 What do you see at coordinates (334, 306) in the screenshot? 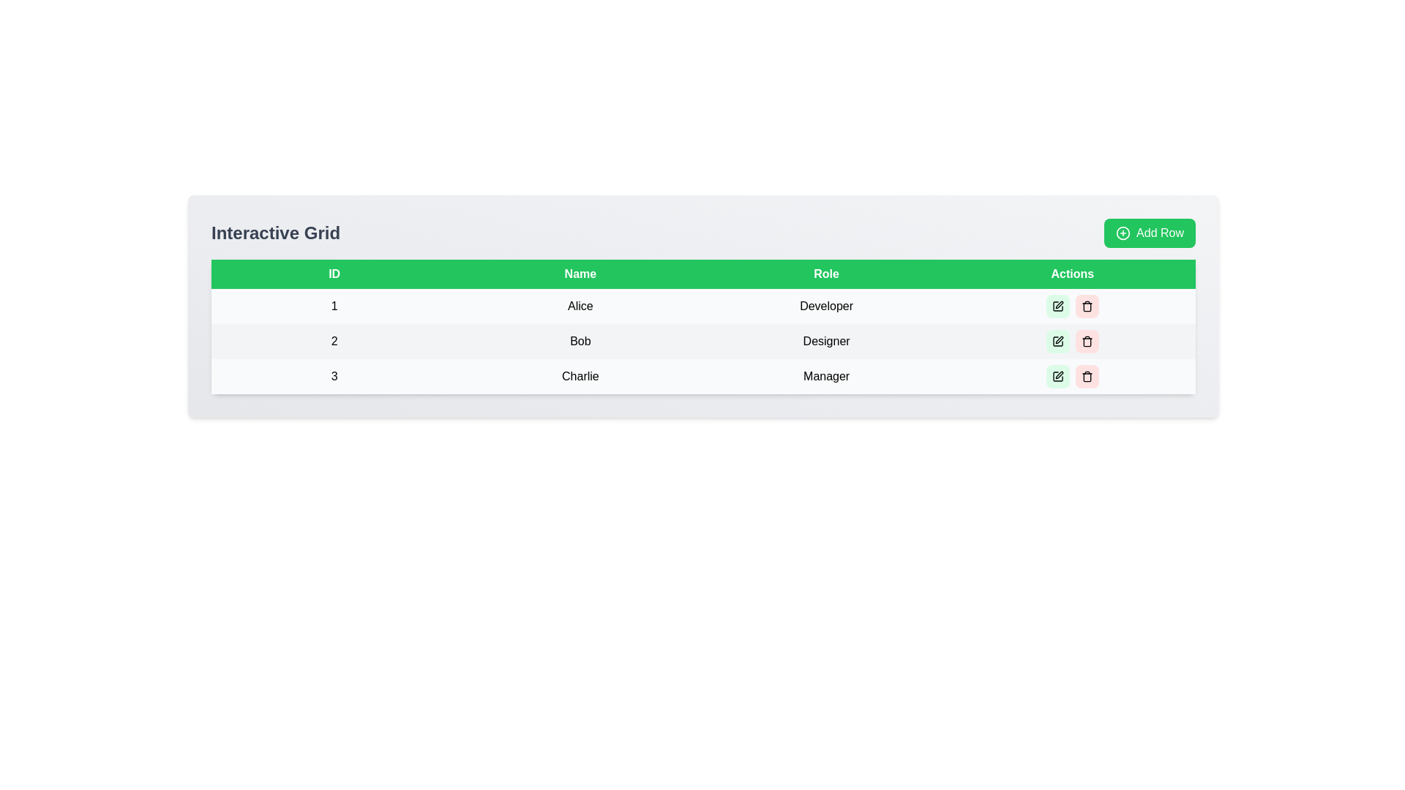
I see `the Table Cell Content displaying the identifier or serial number in the first column and first row of the grid, positioned to the left of the cell containing 'Alice' under the 'Name' column` at bounding box center [334, 306].